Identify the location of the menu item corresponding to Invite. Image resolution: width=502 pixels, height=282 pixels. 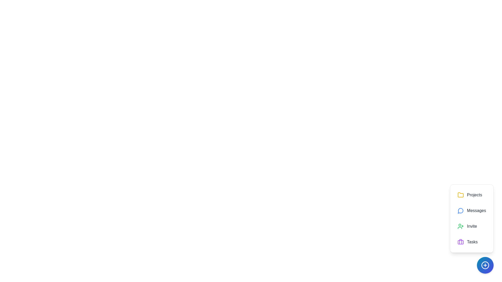
(472, 226).